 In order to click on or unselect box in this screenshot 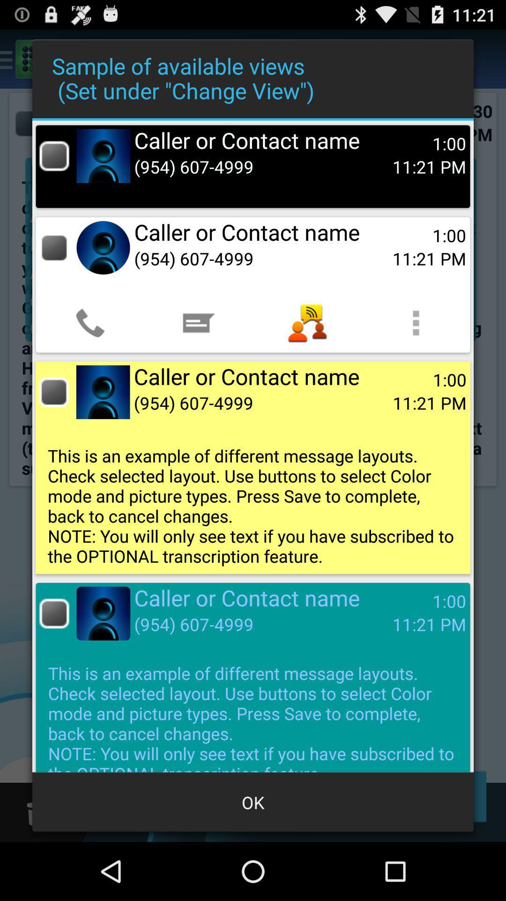, I will do `click(54, 156)`.